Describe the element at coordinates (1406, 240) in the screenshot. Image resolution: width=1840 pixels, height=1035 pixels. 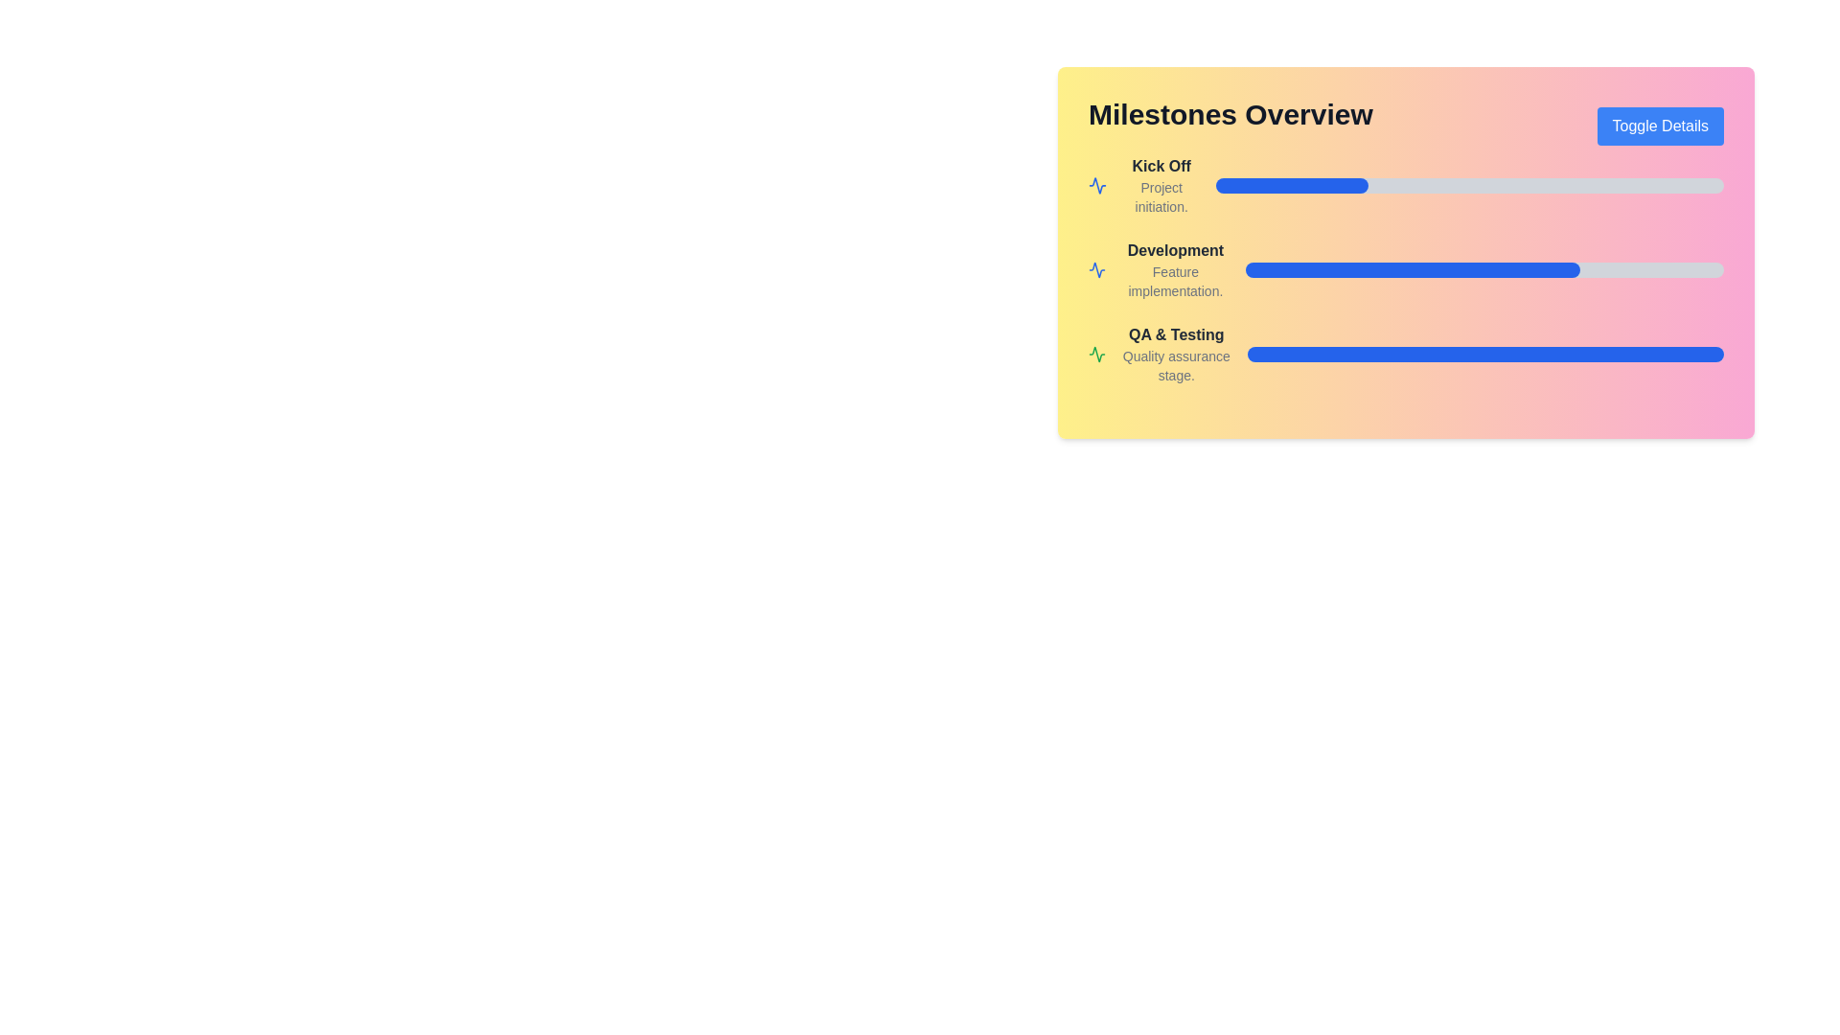
I see `the second milestone in the Milestones Overview section, which includes a title, subtitle, and a progress bar` at that location.